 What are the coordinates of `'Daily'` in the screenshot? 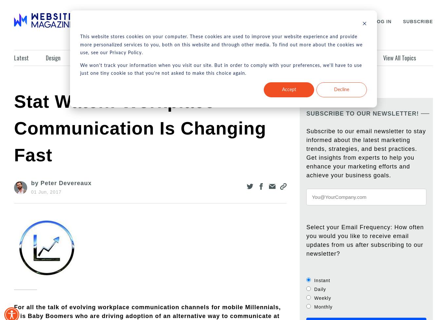 It's located at (320, 289).